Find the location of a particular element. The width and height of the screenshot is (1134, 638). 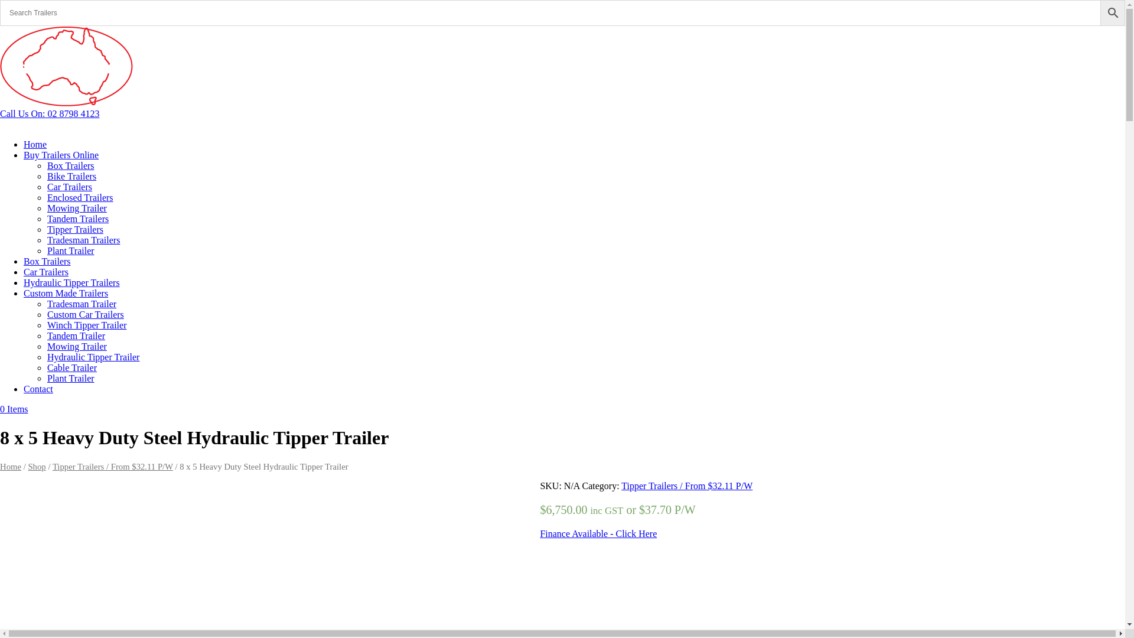

'Tradesman Trailer' is located at coordinates (47, 303).